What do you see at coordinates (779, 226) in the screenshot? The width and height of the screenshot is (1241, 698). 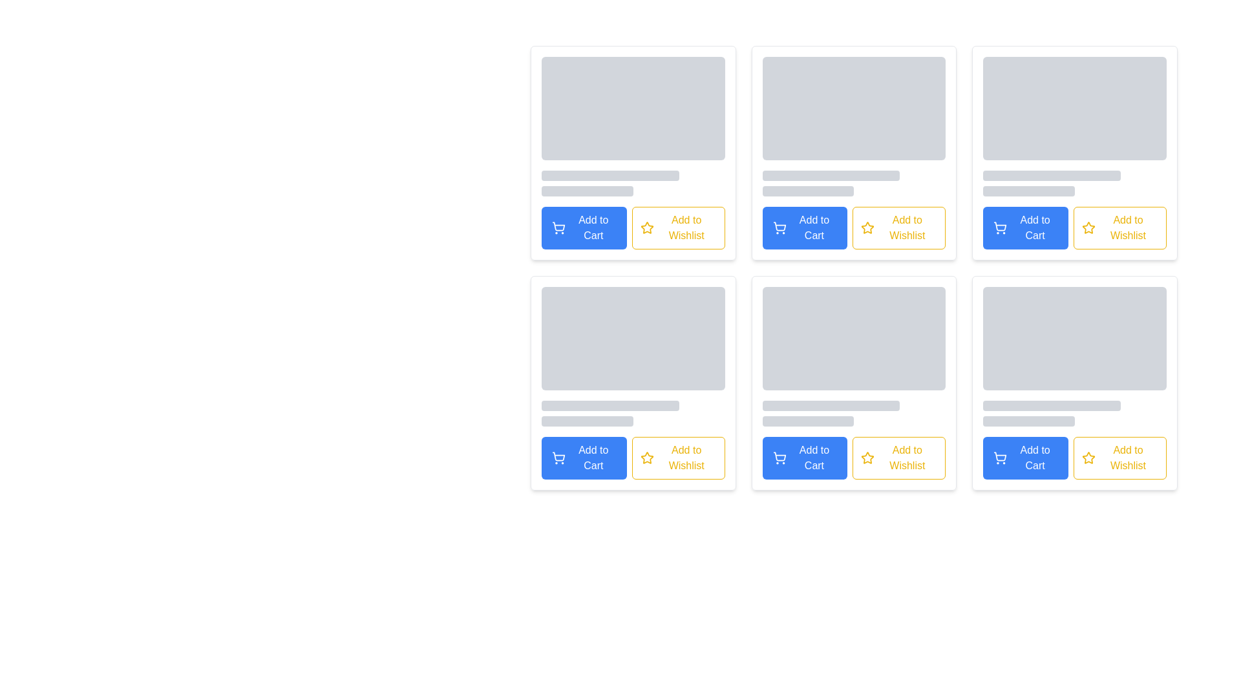 I see `the 'Add to Cart' button associated with the shopping cart icon, which is the second icon in the group of icons representing the cart functionality` at bounding box center [779, 226].